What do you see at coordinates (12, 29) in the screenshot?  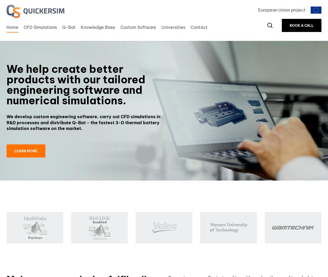 I see `'Home'` at bounding box center [12, 29].